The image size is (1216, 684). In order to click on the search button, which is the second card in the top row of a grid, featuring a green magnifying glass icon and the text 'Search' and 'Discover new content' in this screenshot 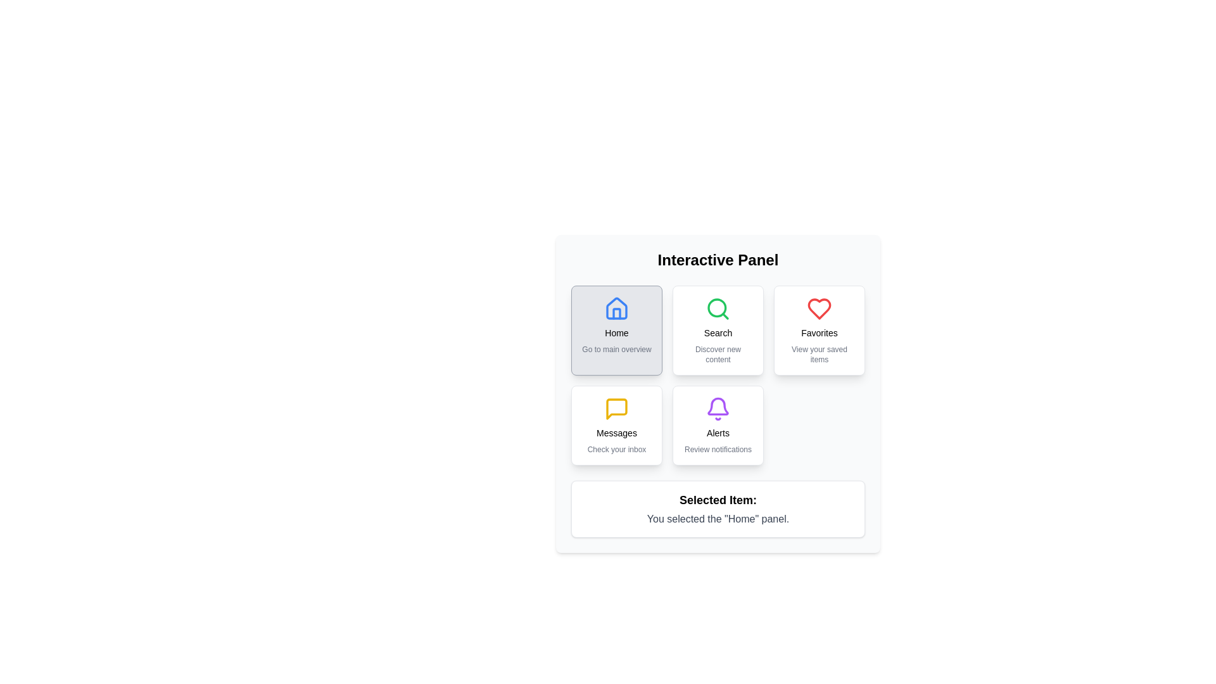, I will do `click(718, 329)`.